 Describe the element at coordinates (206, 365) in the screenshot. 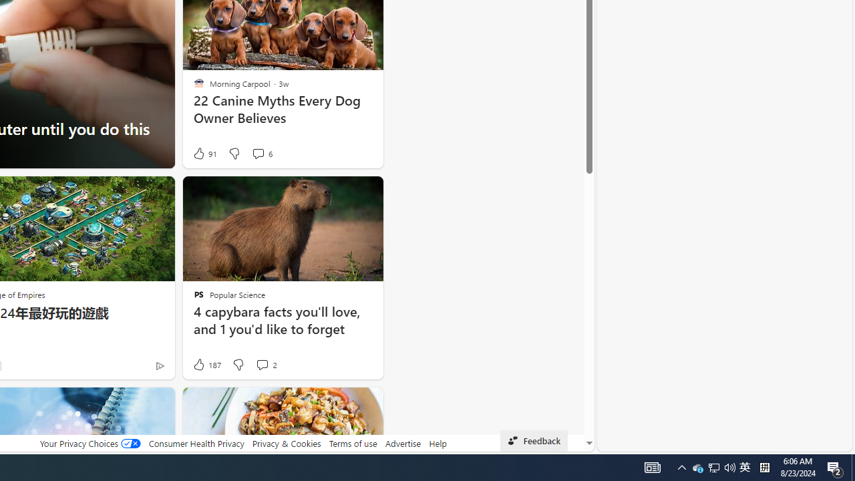

I see `'187 Like'` at that location.